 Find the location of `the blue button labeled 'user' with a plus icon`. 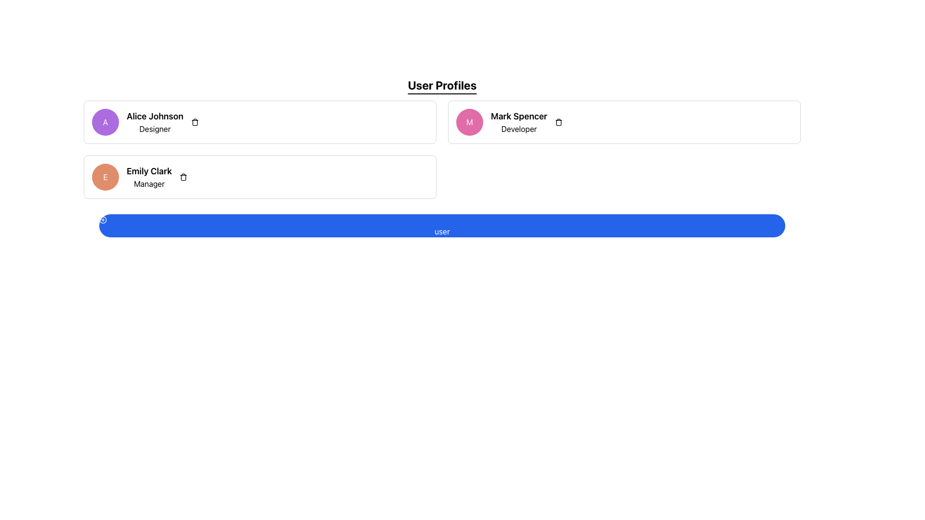

the blue button labeled 'user' with a plus icon is located at coordinates (441, 226).